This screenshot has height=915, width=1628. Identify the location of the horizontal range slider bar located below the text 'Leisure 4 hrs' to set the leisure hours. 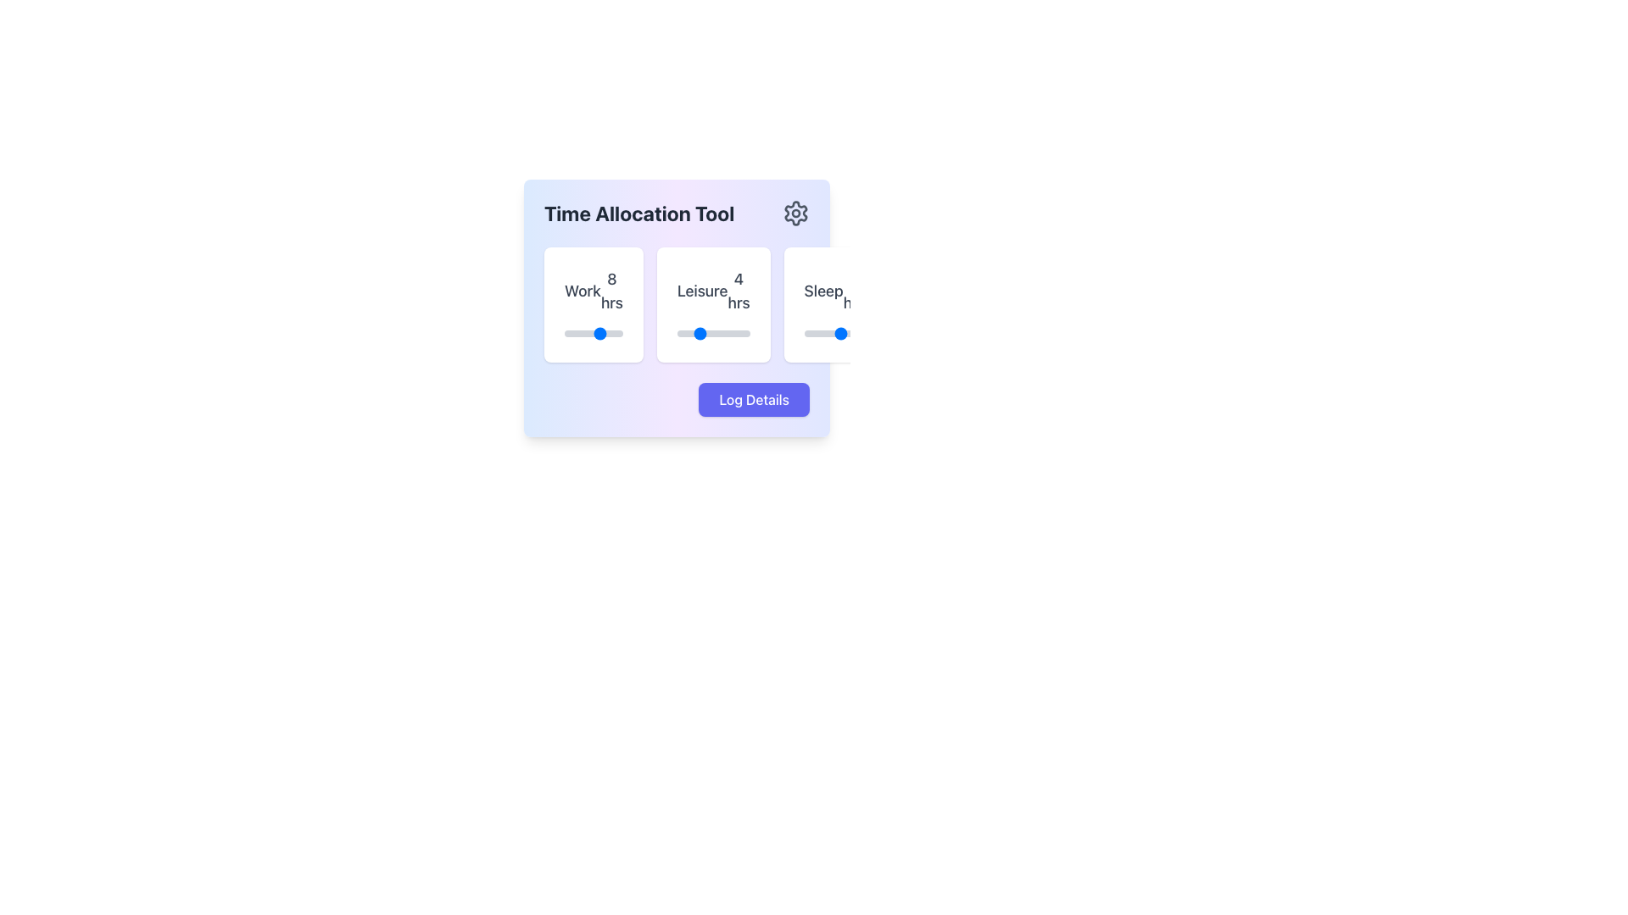
(713, 333).